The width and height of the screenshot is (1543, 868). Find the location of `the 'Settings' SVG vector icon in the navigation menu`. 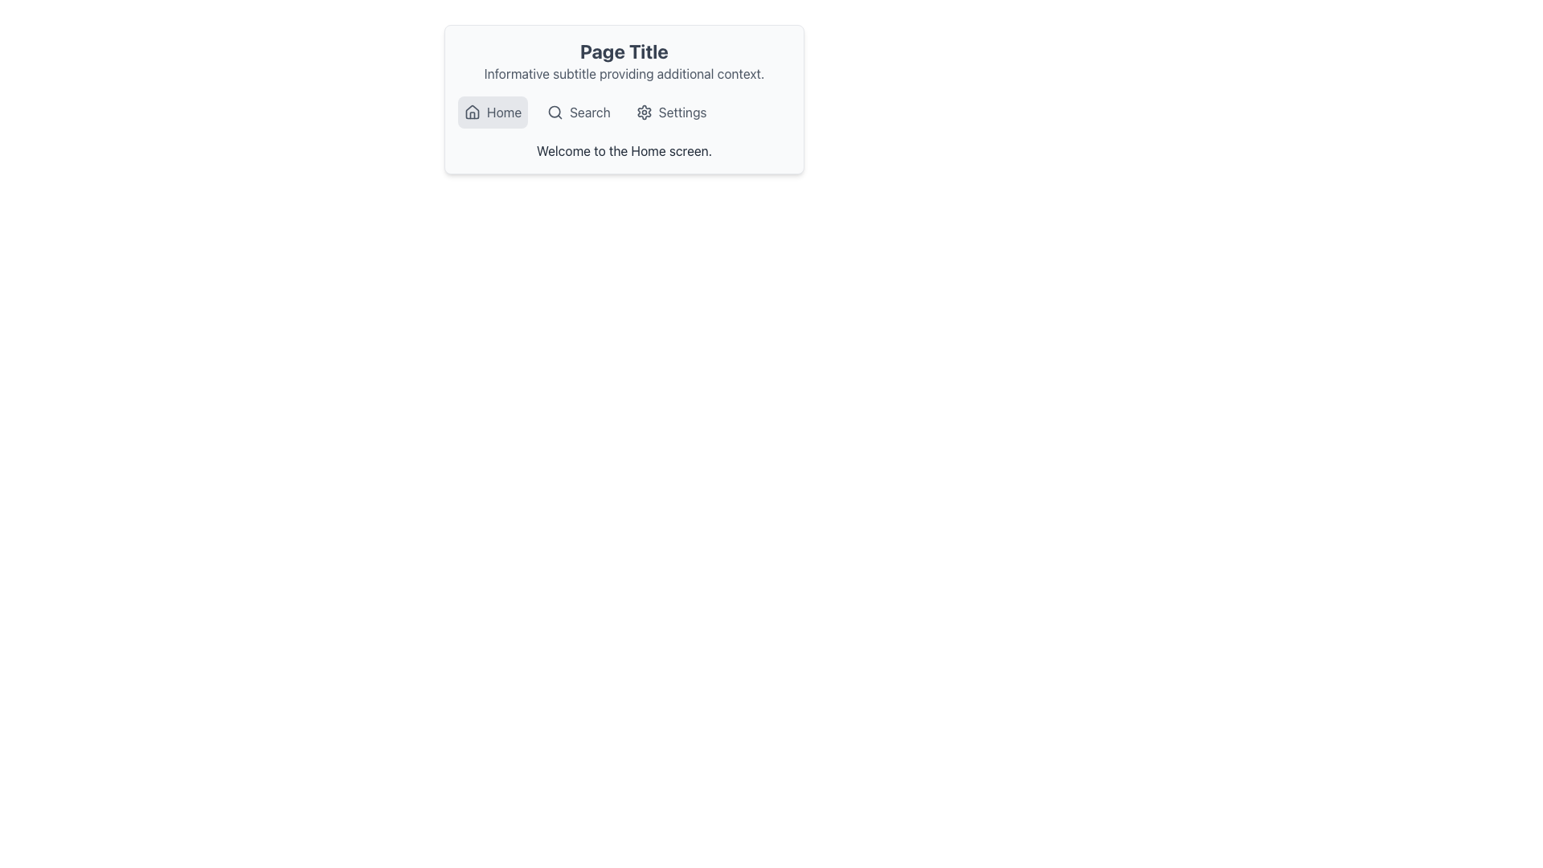

the 'Settings' SVG vector icon in the navigation menu is located at coordinates (644, 111).